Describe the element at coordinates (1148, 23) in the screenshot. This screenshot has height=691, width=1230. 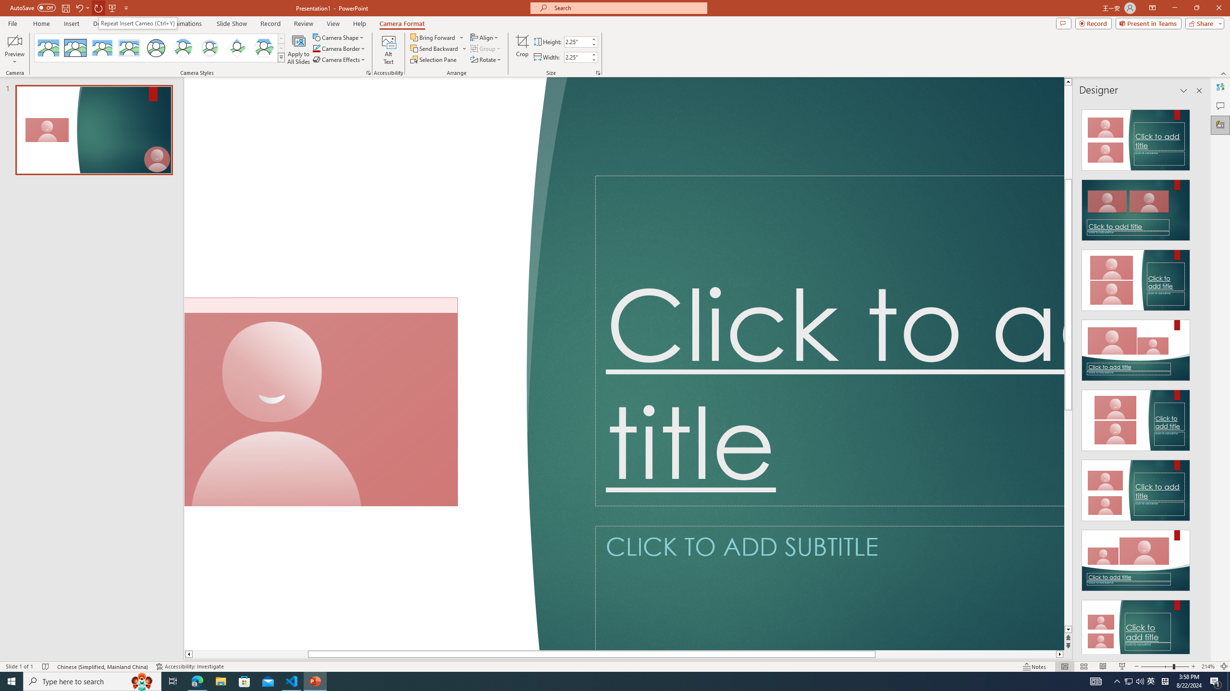
I see `'Present in Teams'` at that location.